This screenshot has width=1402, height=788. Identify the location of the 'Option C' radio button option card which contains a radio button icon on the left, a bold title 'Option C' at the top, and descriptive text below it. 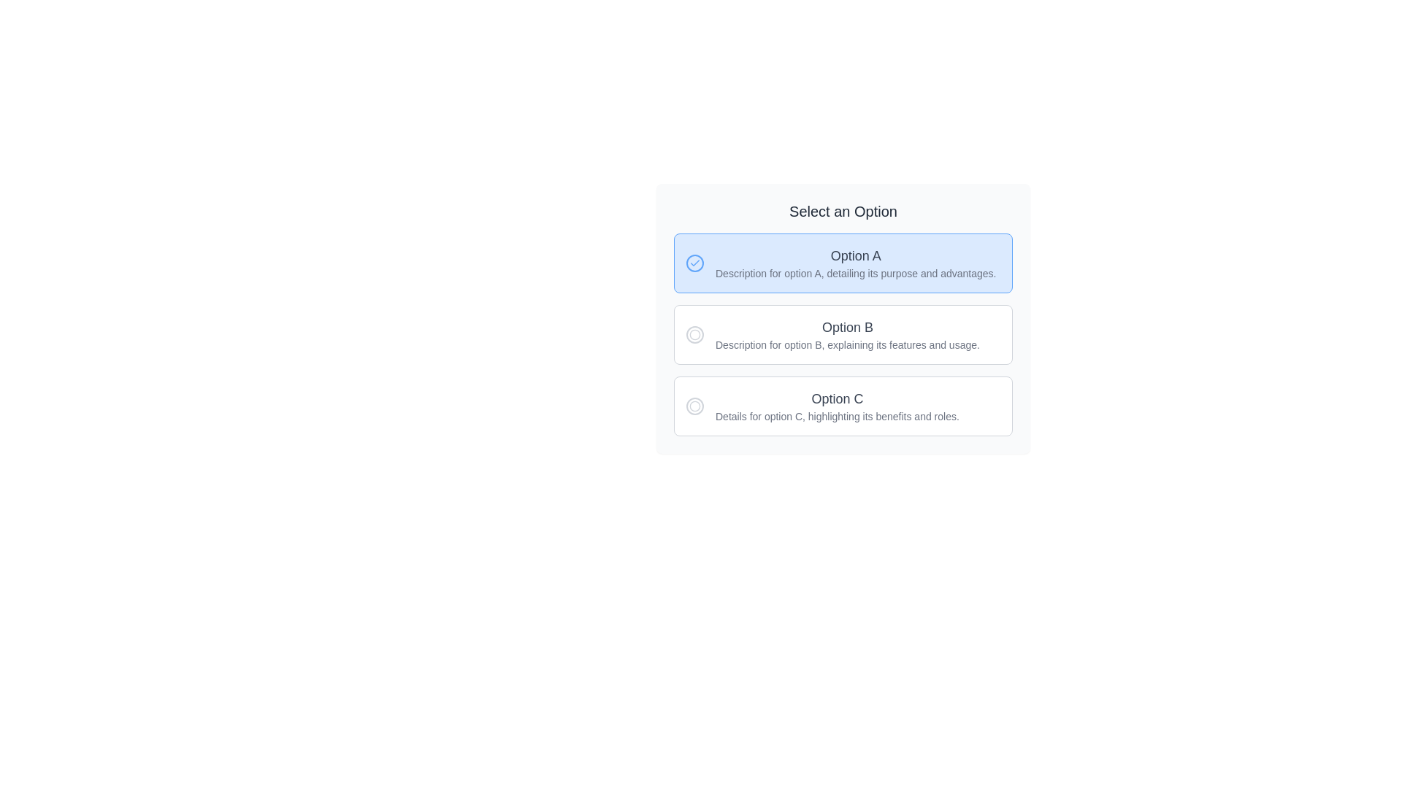
(843, 406).